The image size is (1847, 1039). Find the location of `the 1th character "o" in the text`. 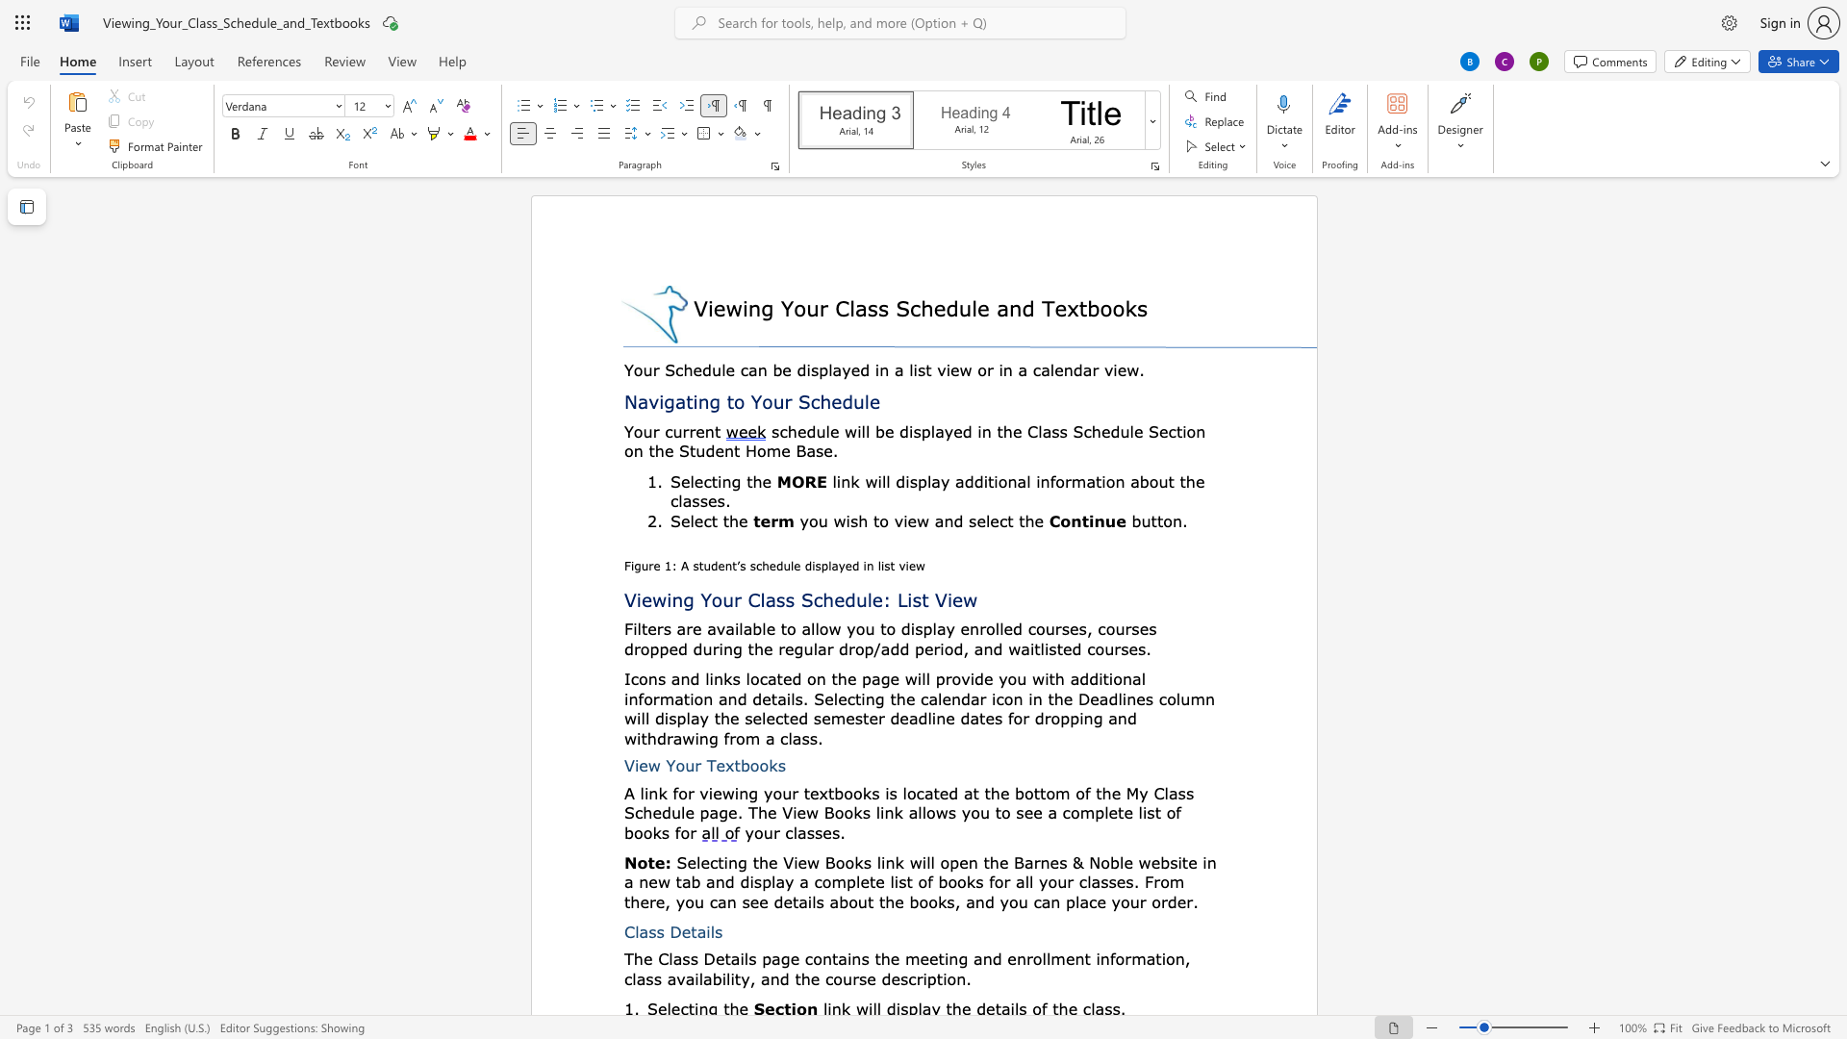

the 1th character "o" in the text is located at coordinates (757, 831).